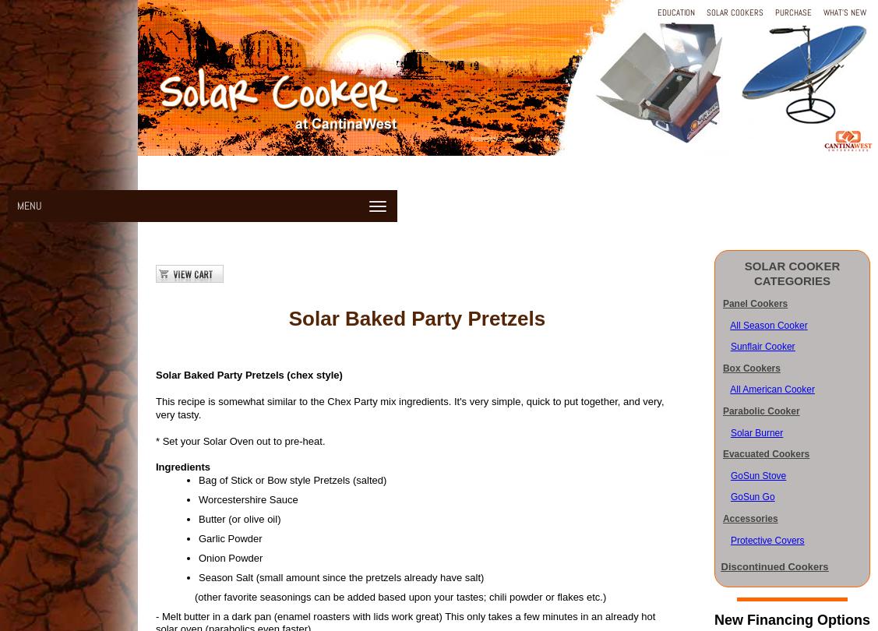 The width and height of the screenshot is (878, 631). What do you see at coordinates (756, 432) in the screenshot?
I see `'Solar Burner'` at bounding box center [756, 432].